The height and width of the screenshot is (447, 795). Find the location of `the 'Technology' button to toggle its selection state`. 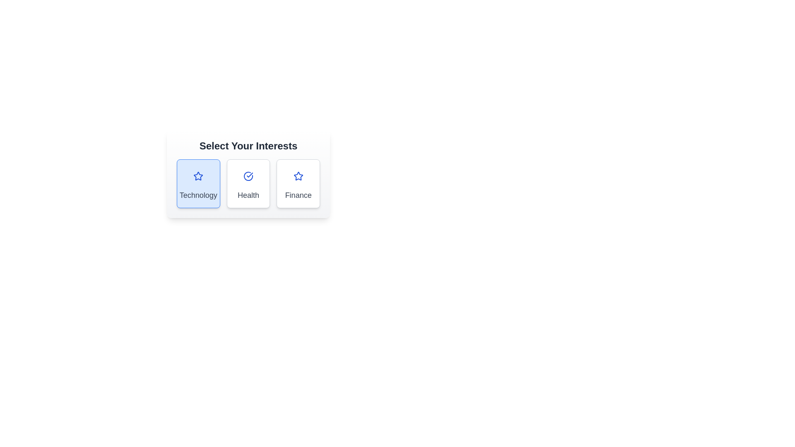

the 'Technology' button to toggle its selection state is located at coordinates (198, 183).